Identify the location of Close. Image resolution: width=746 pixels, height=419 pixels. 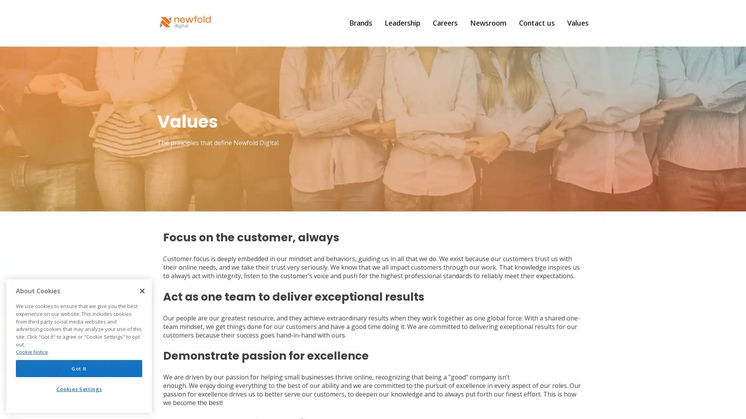
(142, 291).